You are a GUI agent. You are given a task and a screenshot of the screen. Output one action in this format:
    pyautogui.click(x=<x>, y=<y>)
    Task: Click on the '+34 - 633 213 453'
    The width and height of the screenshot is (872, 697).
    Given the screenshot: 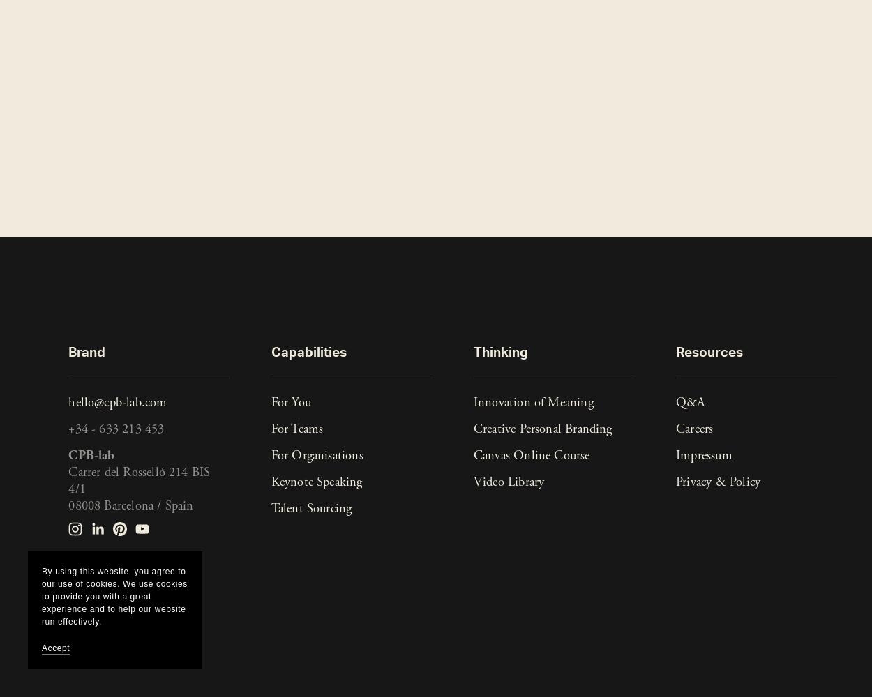 What is the action you would take?
    pyautogui.click(x=116, y=429)
    